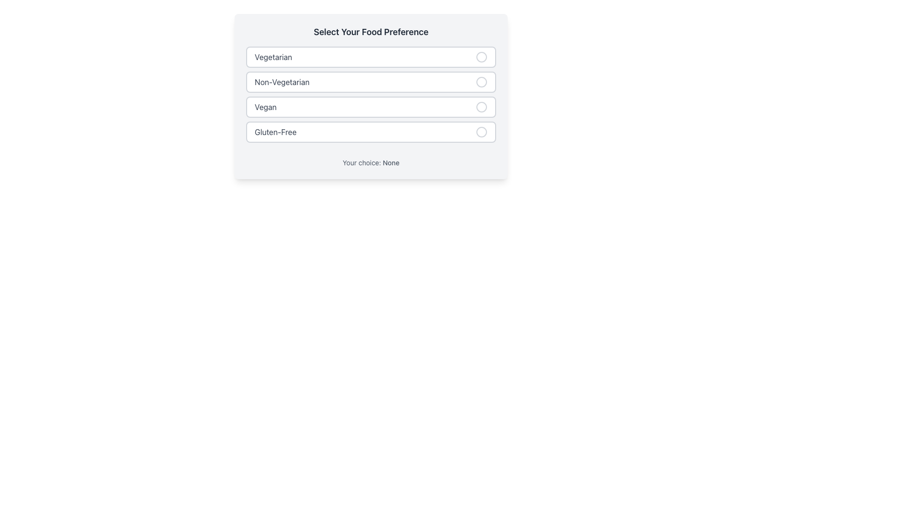 This screenshot has height=519, width=923. Describe the element at coordinates (371, 57) in the screenshot. I see `the 'Vegetarian' selectable list item` at that location.